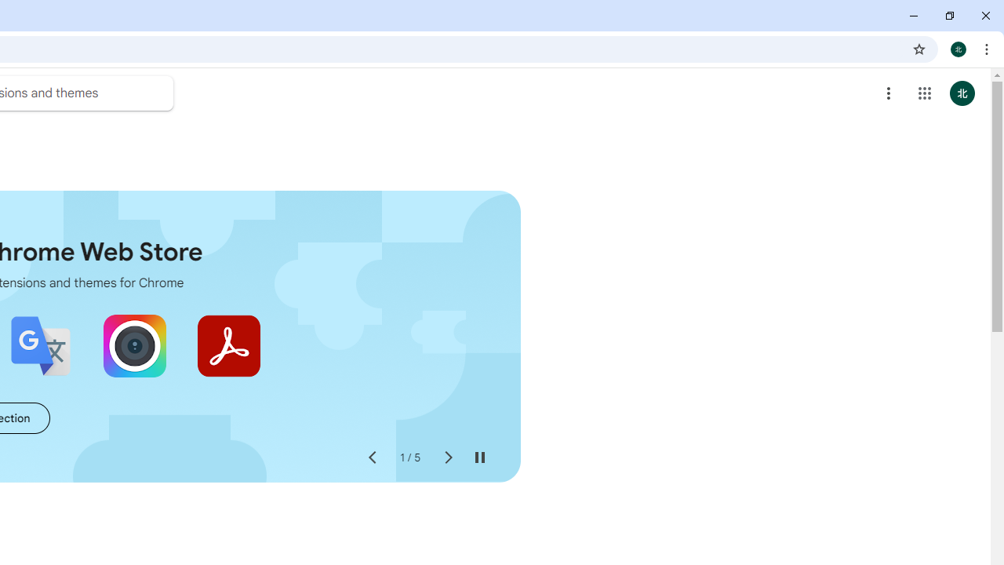  What do you see at coordinates (478, 457) in the screenshot?
I see `'Pause auto-play'` at bounding box center [478, 457].